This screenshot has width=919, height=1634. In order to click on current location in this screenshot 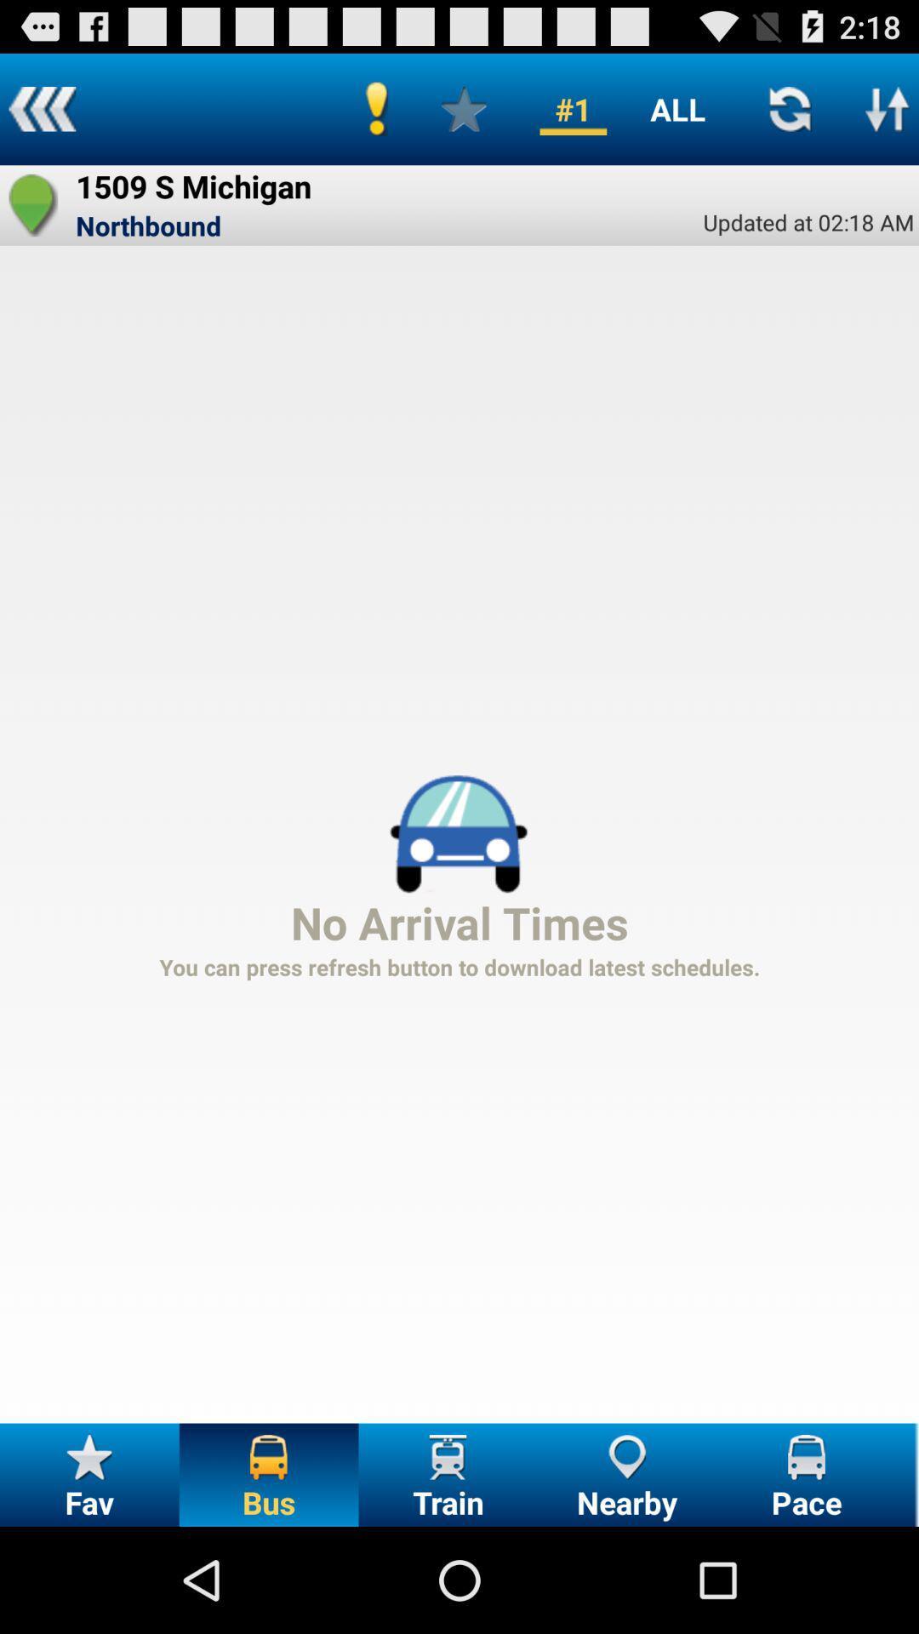, I will do `click(33, 204)`.